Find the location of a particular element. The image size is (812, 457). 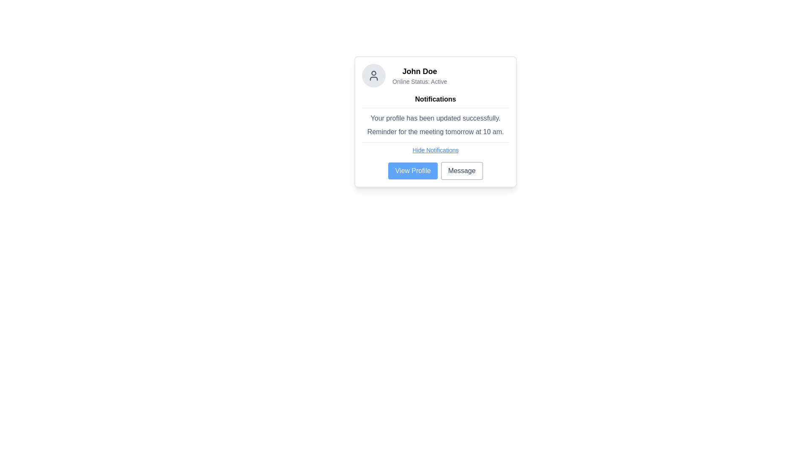

text content displayed in the label that presents the user's name and online status, located to the right of the circular avatar icon is located at coordinates (420, 75).